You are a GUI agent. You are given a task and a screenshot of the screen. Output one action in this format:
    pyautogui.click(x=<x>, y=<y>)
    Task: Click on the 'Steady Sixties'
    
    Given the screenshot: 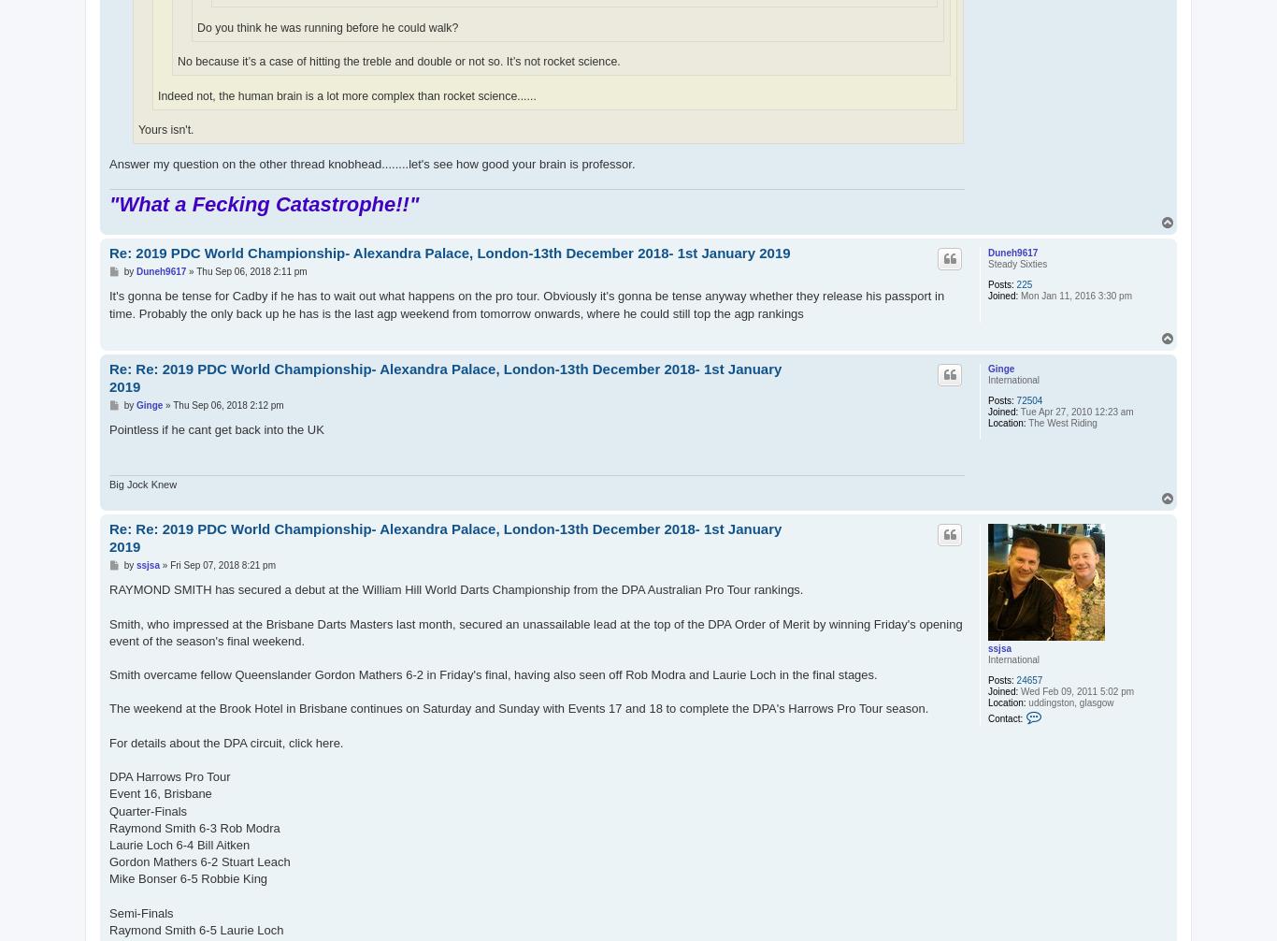 What is the action you would take?
    pyautogui.click(x=1016, y=263)
    